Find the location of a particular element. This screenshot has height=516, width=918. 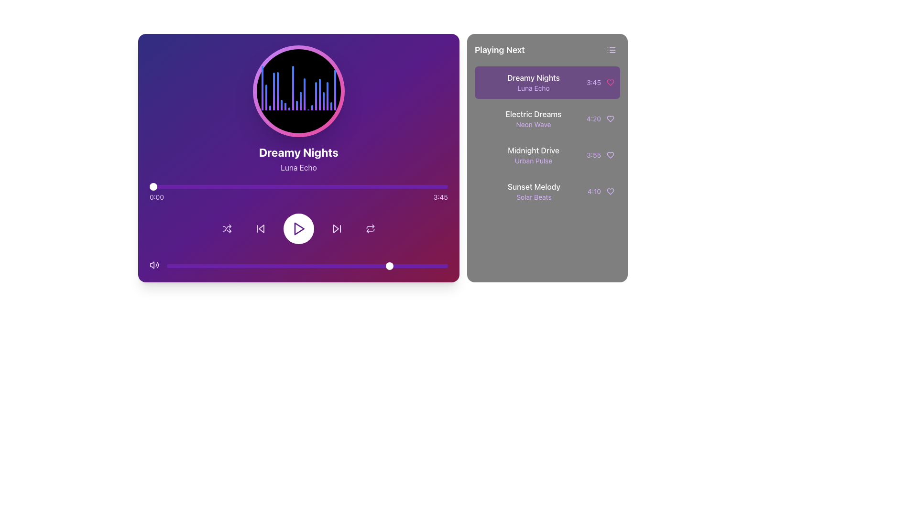

the text display element titled 'Sunset Melody' with a bold white font and the subtitle 'Solar Beats' in a lighter purple font, located is located at coordinates (534, 192).